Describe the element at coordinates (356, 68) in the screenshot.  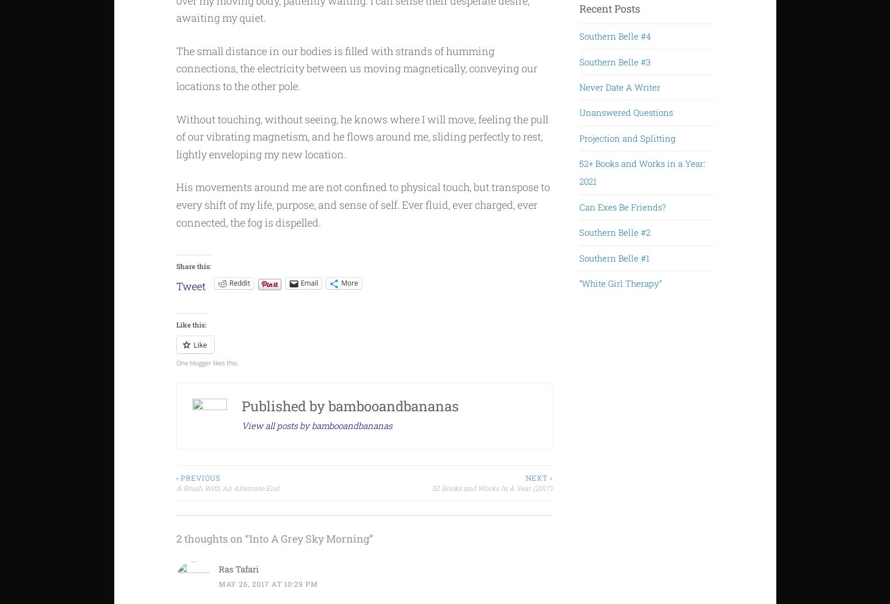
I see `'The small distance in our bodies is filled with strands of humming connections, the electricity between us moving magnetically, conveying our locations to the other pole.'` at that location.